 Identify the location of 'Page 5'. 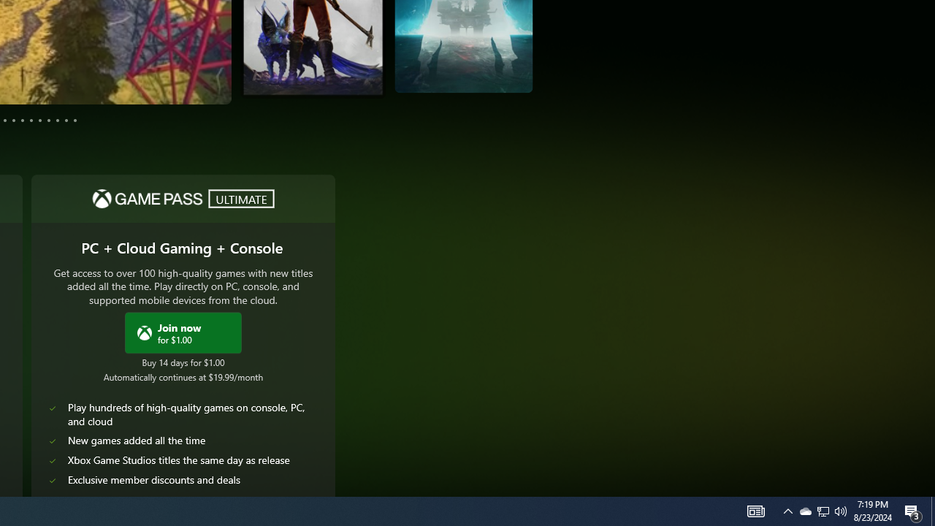
(14, 119).